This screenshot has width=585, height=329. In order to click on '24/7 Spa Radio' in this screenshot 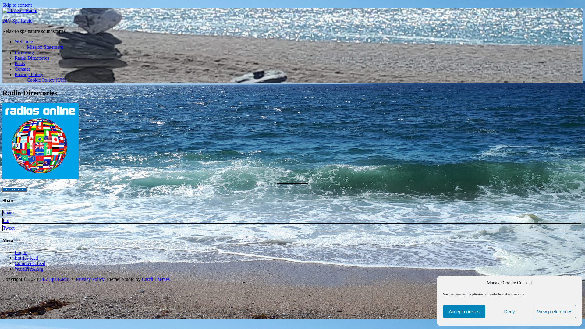, I will do `click(39, 279)`.